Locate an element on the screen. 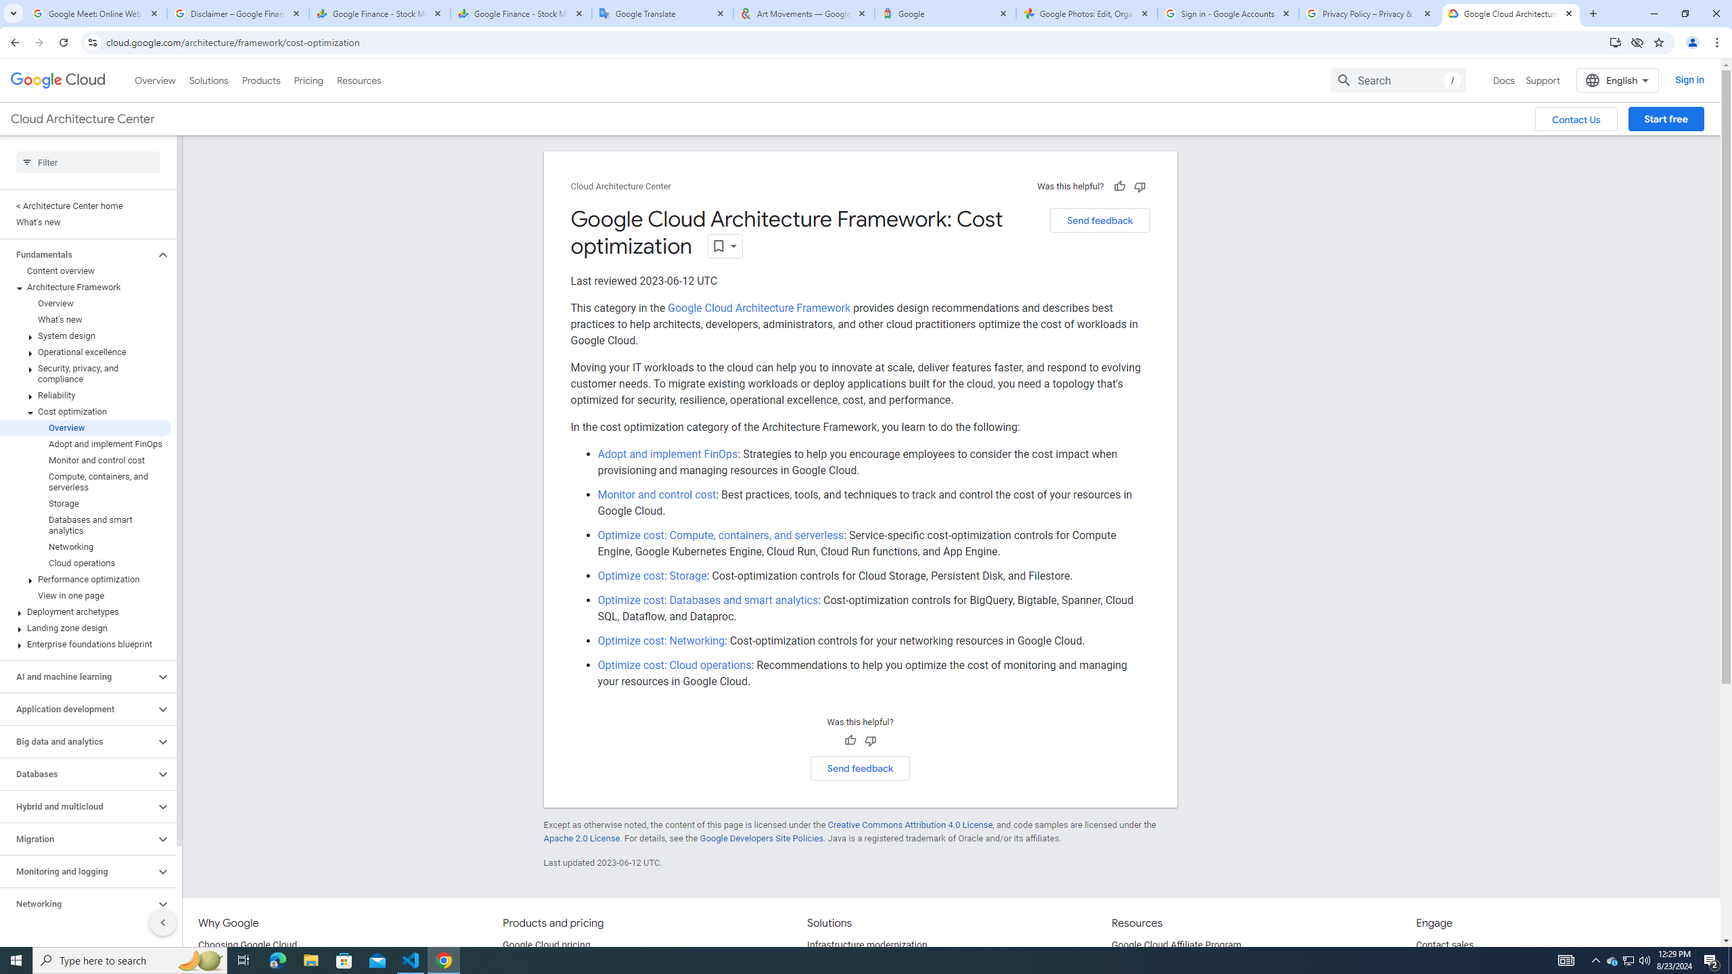 The image size is (1732, 974). 'Deployment archetypes' is located at coordinates (85, 611).